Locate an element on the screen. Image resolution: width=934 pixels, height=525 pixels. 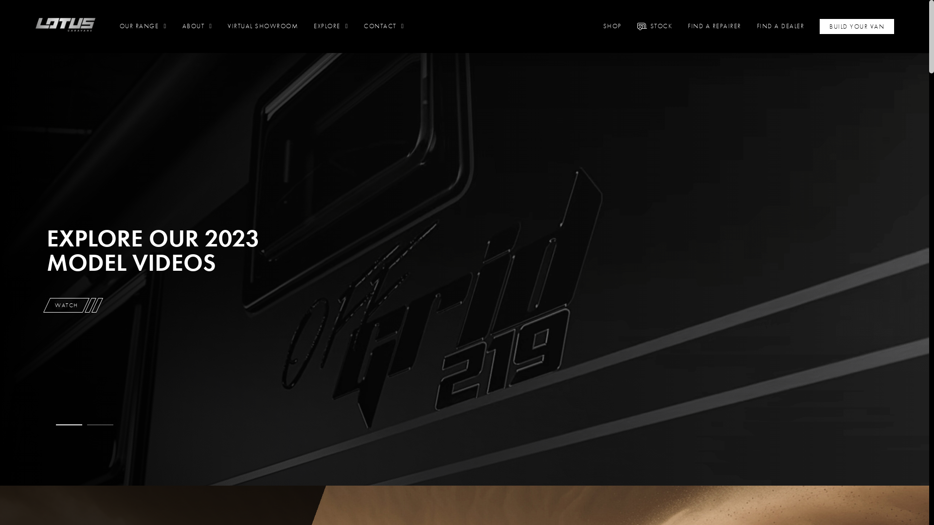
'OUR RANGE' is located at coordinates (143, 26).